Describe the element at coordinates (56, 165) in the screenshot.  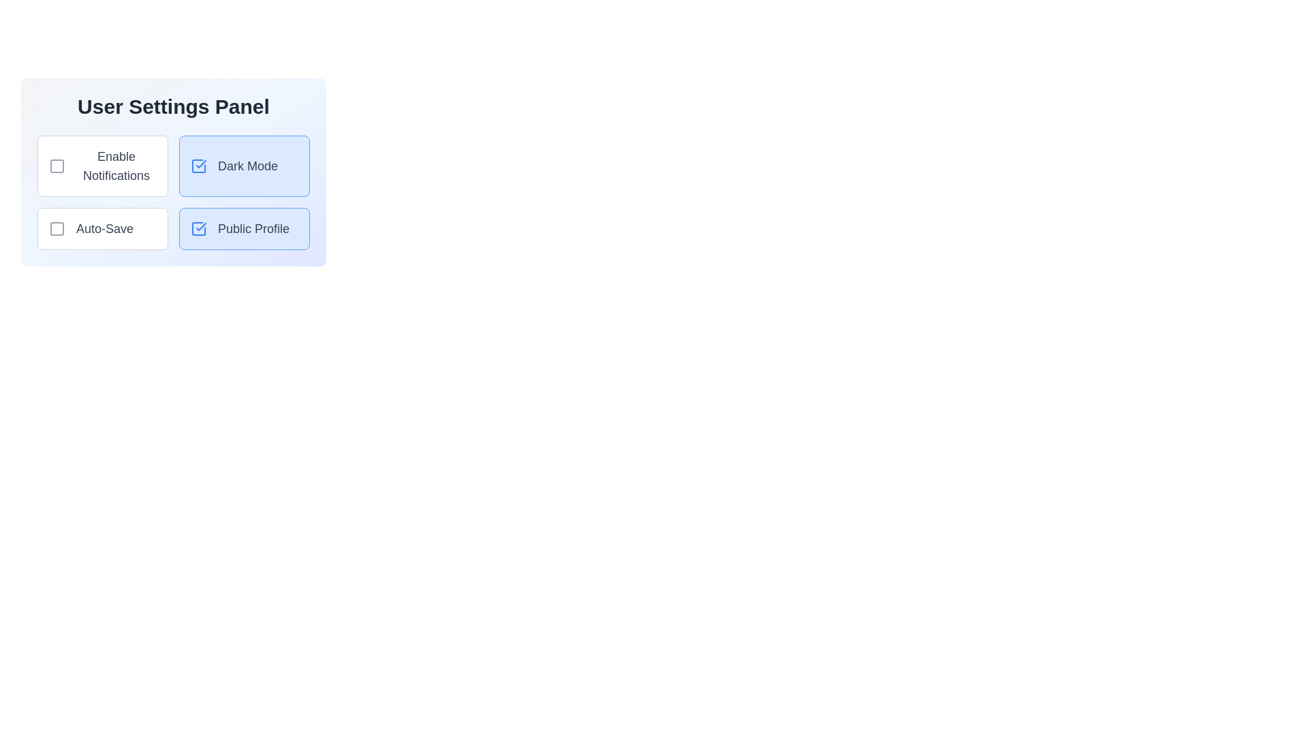
I see `the unselected checkbox icon within the 'Enable Notifications' section` at that location.